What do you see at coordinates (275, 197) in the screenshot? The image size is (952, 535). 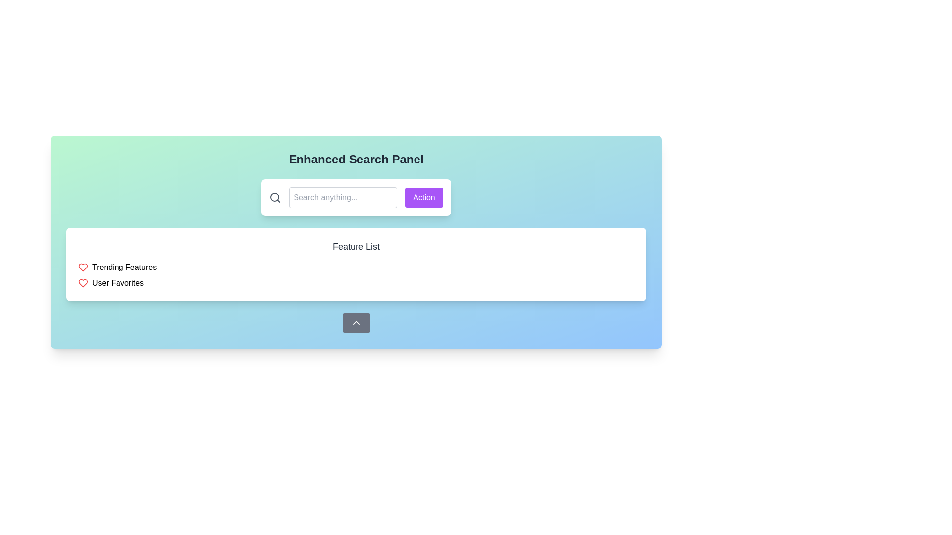 I see `the search icon located at the far-left side of the white search bar, adjacent to the input field, to indicate the search function` at bounding box center [275, 197].